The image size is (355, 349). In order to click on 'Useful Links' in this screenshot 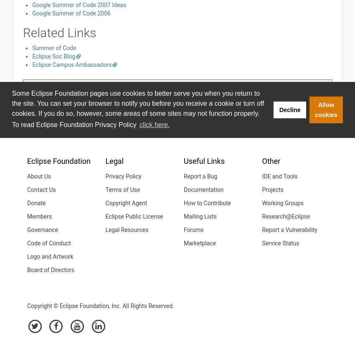, I will do `click(183, 160)`.